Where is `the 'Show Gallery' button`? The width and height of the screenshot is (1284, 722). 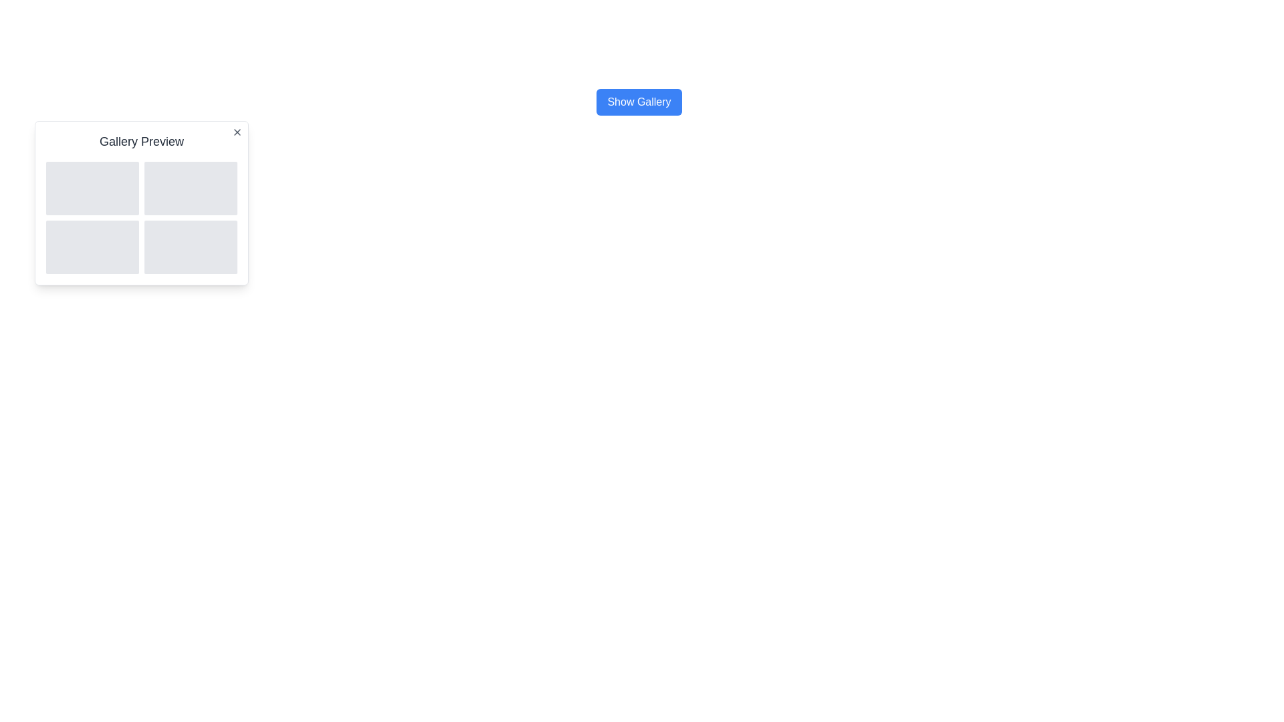 the 'Show Gallery' button is located at coordinates (638, 102).